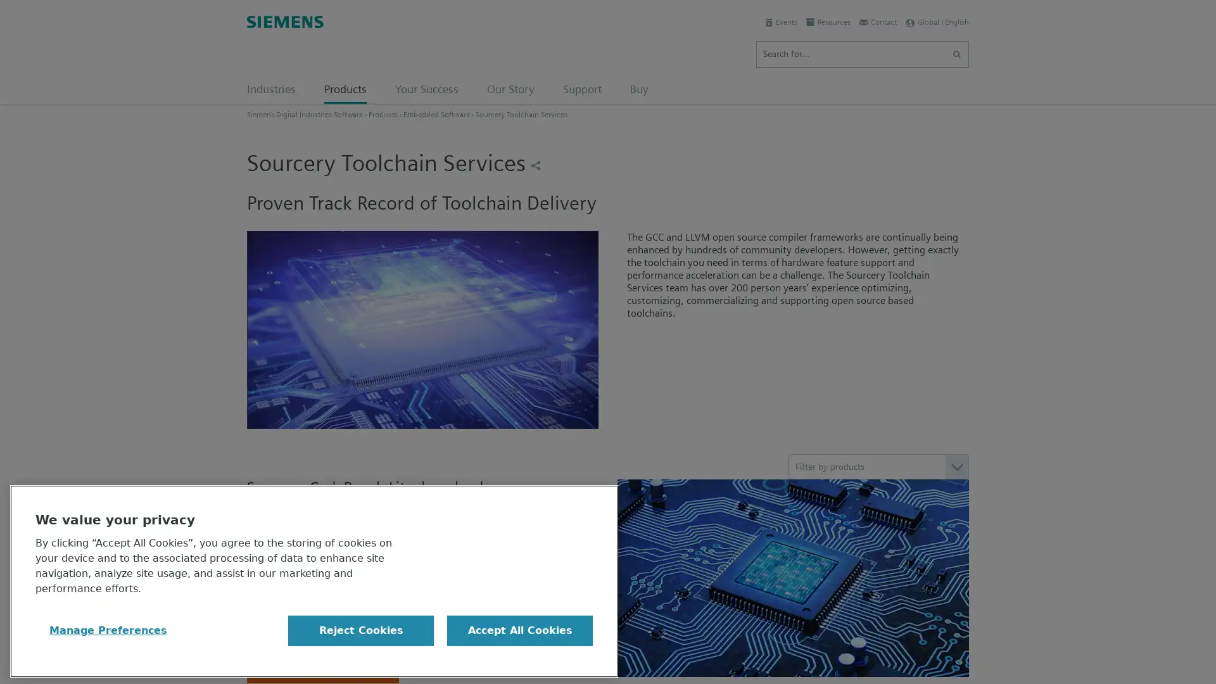  What do you see at coordinates (360, 630) in the screenshot?
I see `Reject Cookies` at bounding box center [360, 630].